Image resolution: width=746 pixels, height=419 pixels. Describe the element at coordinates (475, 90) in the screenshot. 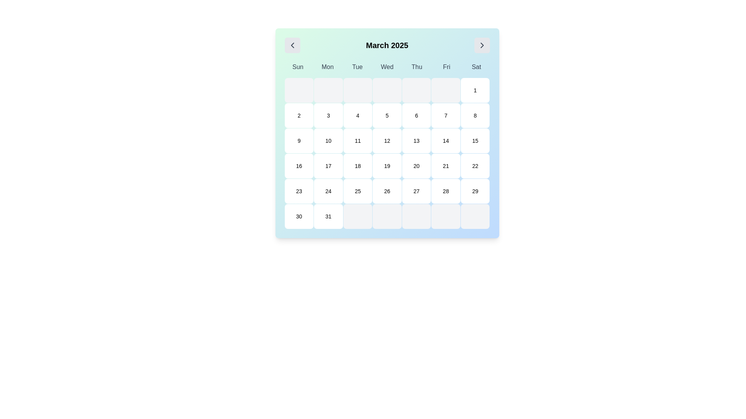

I see `the button representing the '1st' day of the month in the calendar` at that location.